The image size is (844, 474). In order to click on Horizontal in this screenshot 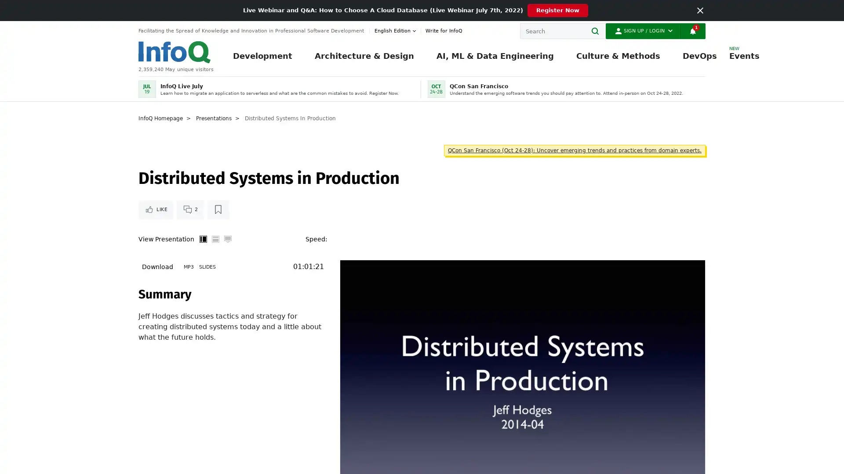, I will do `click(215, 244)`.